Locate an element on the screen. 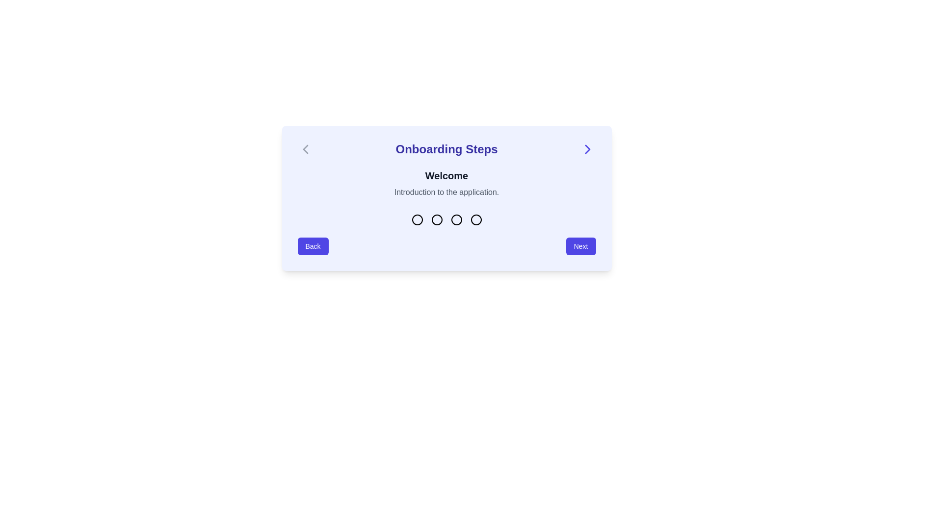 This screenshot has height=529, width=942. the fourth progress indicator circle in the onboarding steps section, located between the 'Back' and 'Next' buttons is located at coordinates (476, 219).